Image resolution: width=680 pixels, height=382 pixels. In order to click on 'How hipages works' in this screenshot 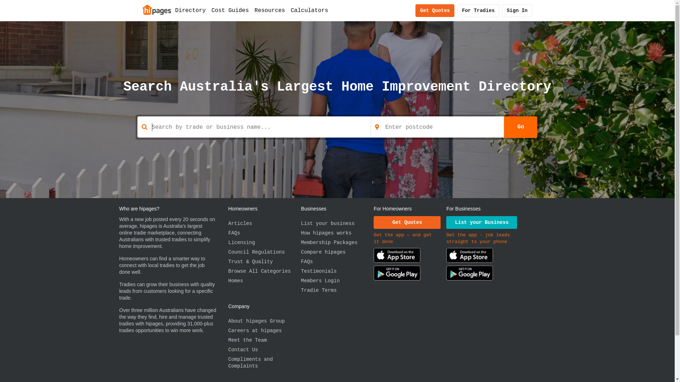, I will do `click(337, 233)`.